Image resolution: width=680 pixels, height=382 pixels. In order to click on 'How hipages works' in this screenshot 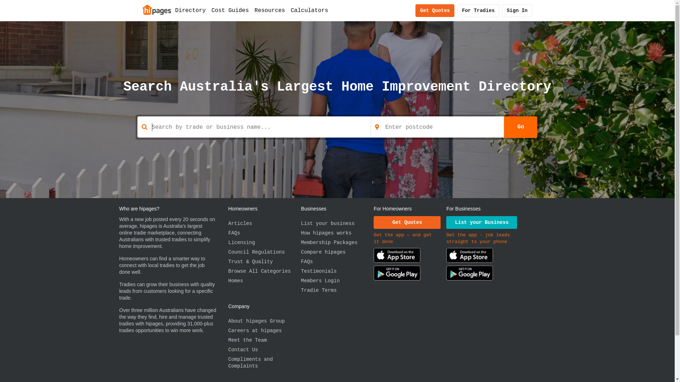, I will do `click(337, 233)`.